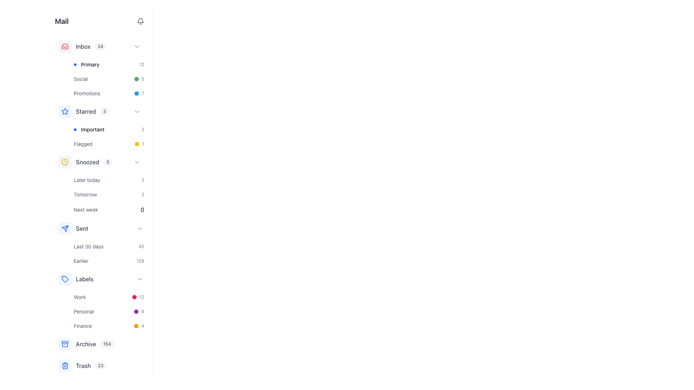 Image resolution: width=694 pixels, height=390 pixels. I want to click on the clickable list item related to the 'Social' category, which is positioned below 'Primary' and above 'Promotions', so click(108, 79).